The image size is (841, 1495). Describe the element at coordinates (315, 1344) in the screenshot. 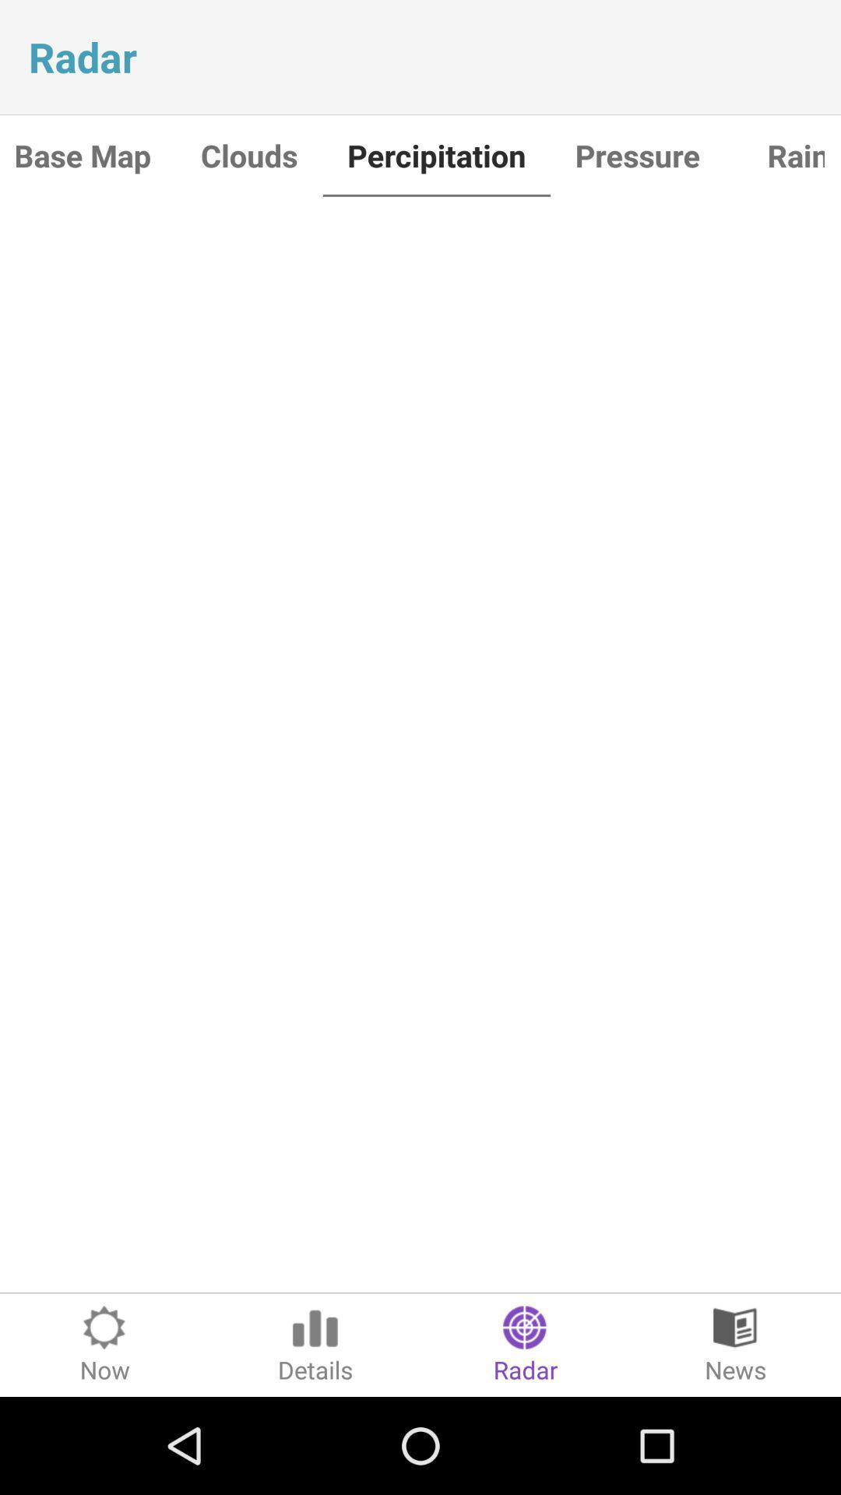

I see `icon to the right of now` at that location.